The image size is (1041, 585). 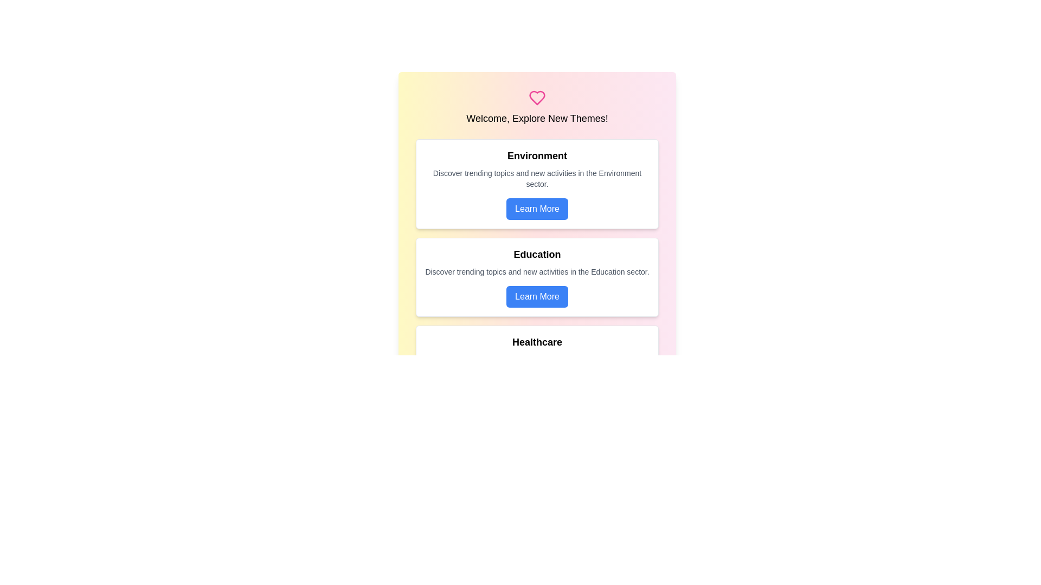 What do you see at coordinates (537, 156) in the screenshot?
I see `header text located at the top of the card structure, which introduces the theme or topic of the content presented below` at bounding box center [537, 156].